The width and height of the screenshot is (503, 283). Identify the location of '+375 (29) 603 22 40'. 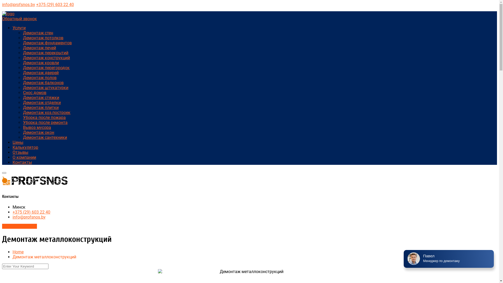
(31, 212).